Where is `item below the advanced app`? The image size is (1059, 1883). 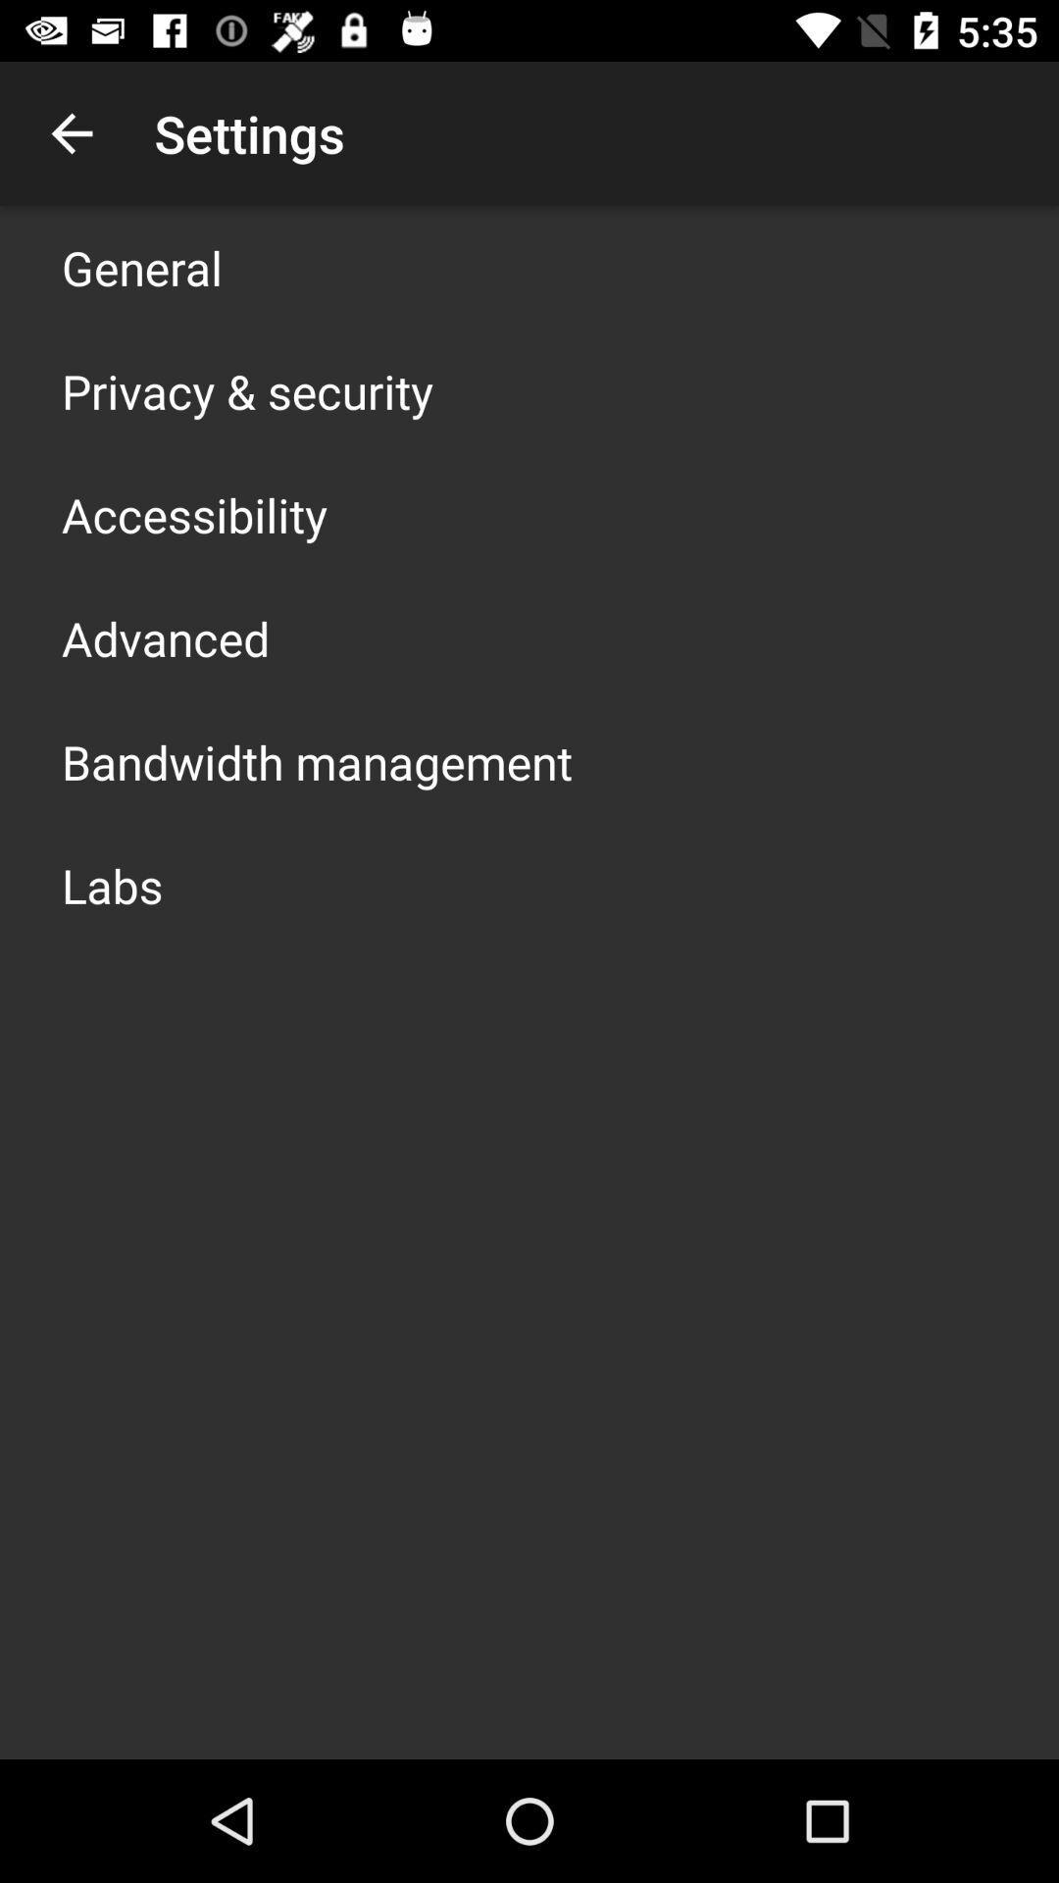
item below the advanced app is located at coordinates (316, 761).